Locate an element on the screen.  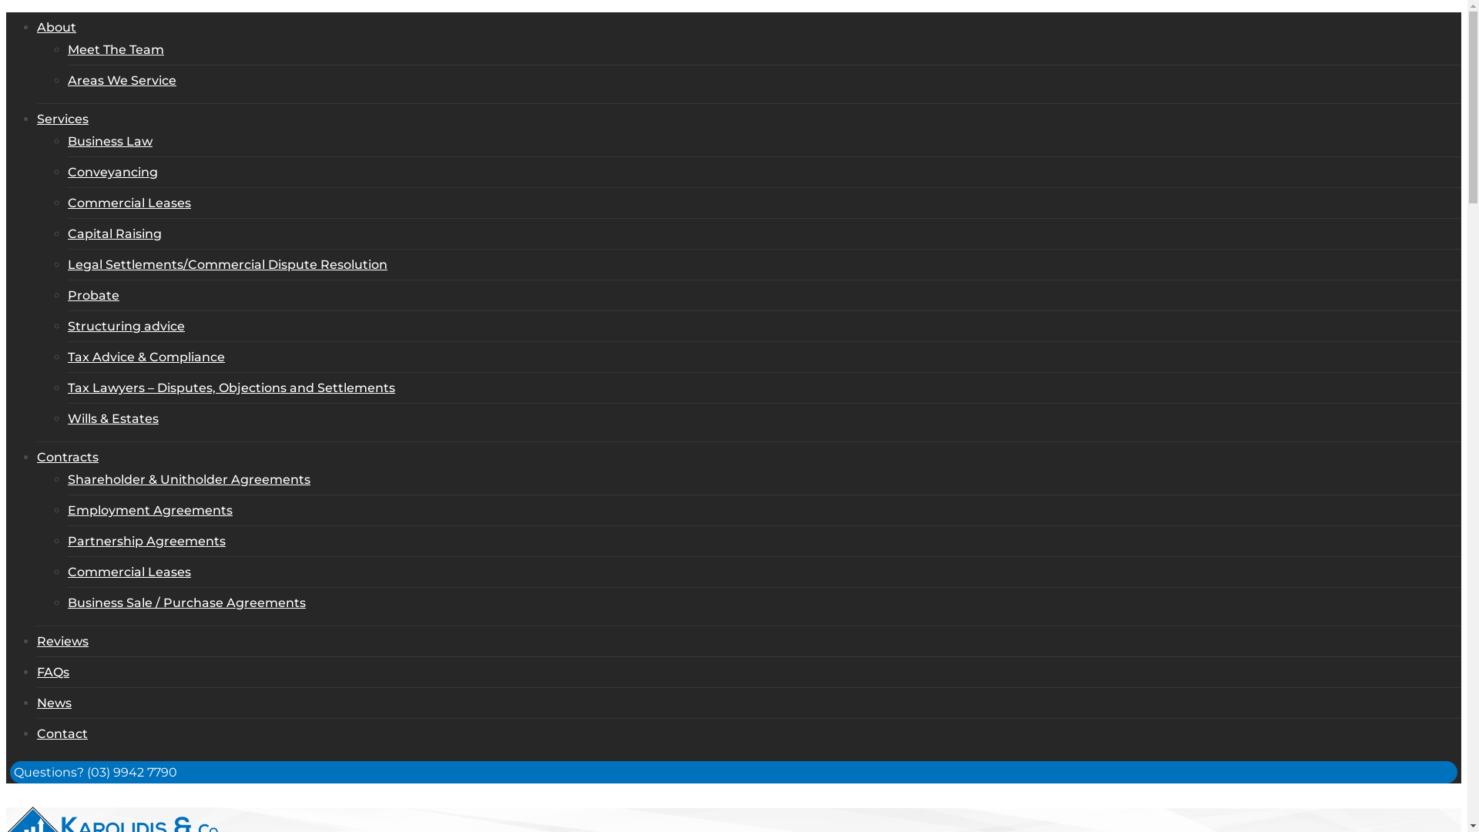
'Meet The Team' is located at coordinates (115, 49).